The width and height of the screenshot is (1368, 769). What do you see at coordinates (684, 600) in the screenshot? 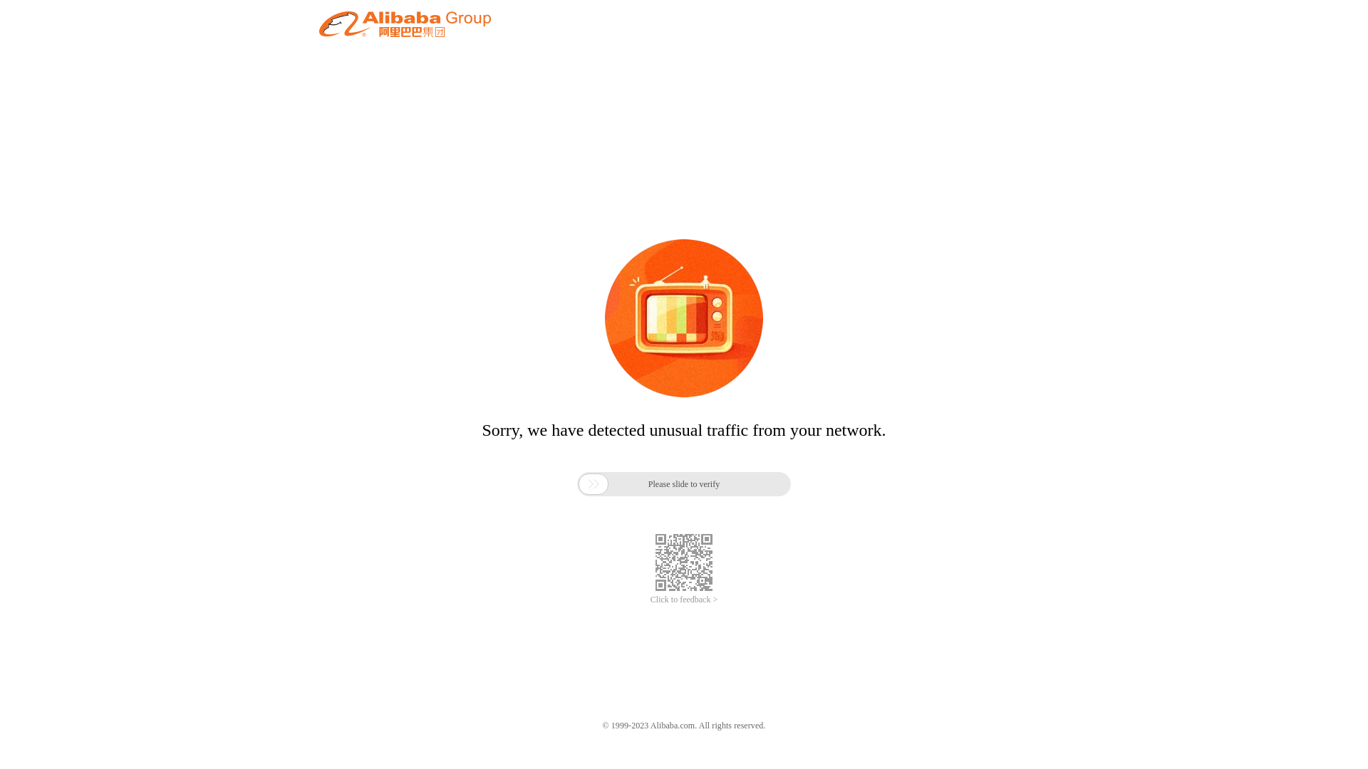
I see `'Click to feedback >'` at bounding box center [684, 600].